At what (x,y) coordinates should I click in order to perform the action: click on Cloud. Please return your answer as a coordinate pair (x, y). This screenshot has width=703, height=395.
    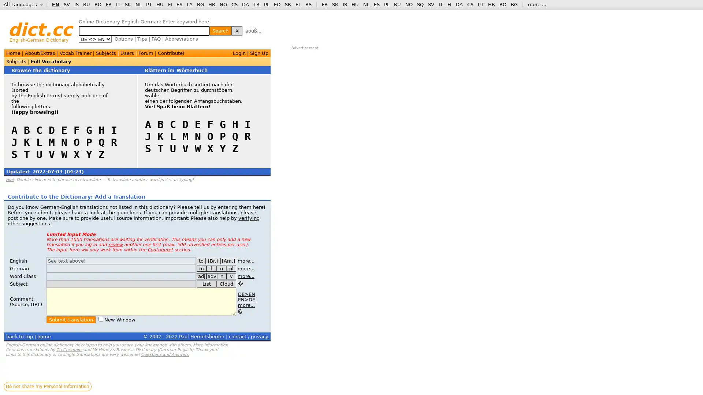
    Looking at the image, I should click on (226, 283).